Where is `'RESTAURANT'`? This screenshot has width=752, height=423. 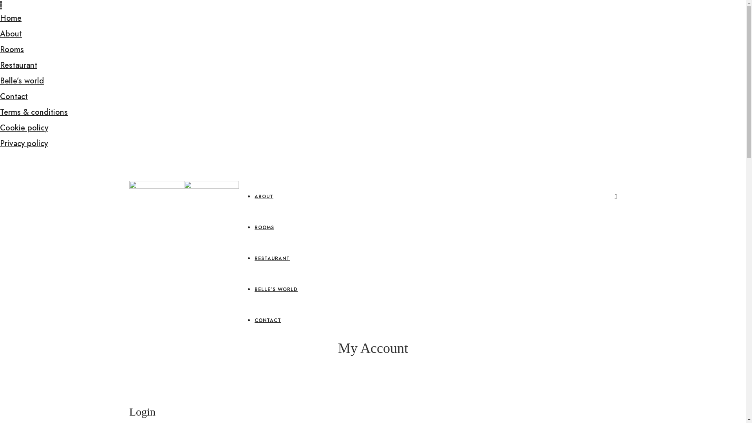 'RESTAURANT' is located at coordinates (254, 258).